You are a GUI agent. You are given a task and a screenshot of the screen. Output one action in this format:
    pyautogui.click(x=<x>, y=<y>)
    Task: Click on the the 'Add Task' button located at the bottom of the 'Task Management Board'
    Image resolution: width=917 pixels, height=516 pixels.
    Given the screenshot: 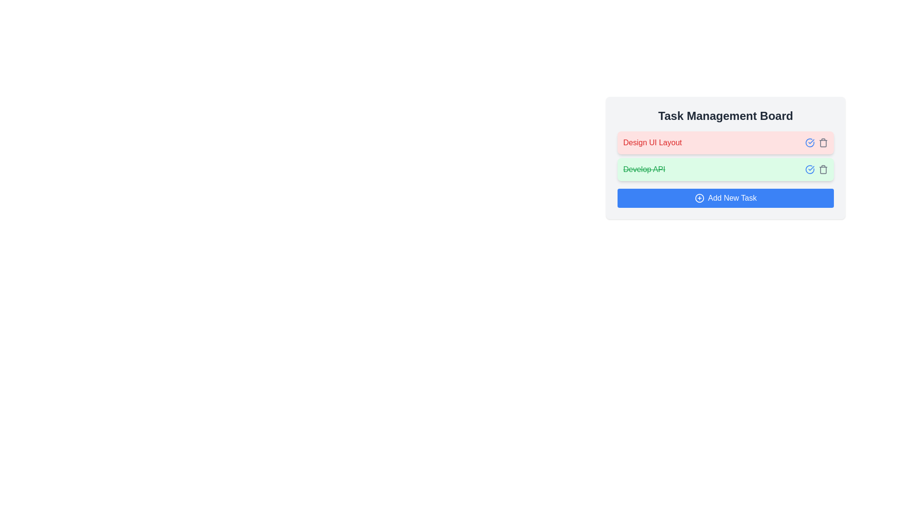 What is the action you would take?
    pyautogui.click(x=725, y=198)
    